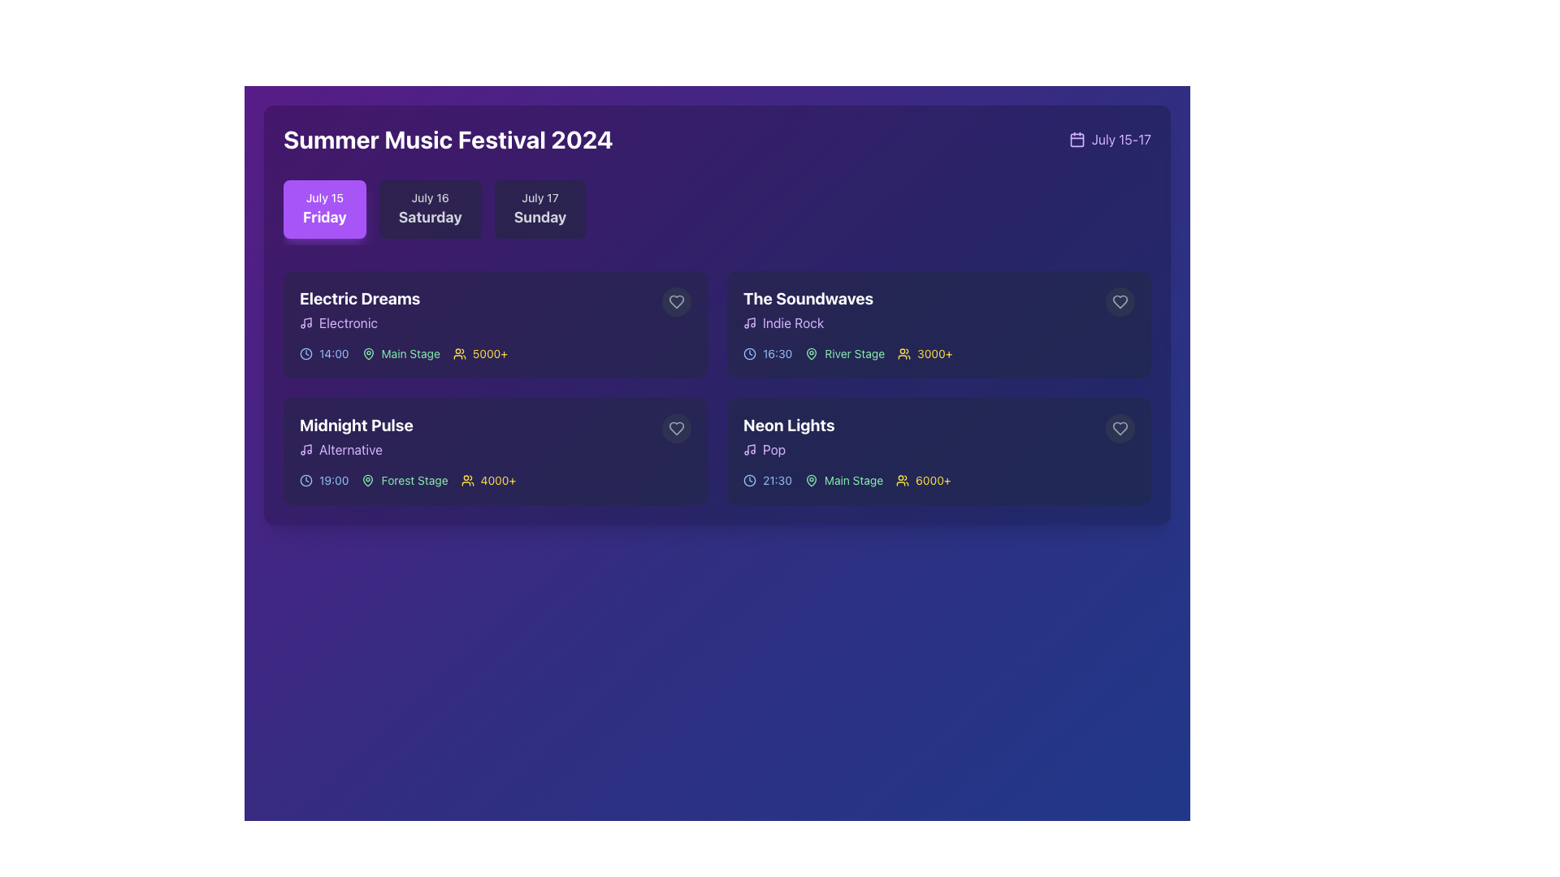  I want to click on the map pin icon element located in the 'Electric Dreams' card, which signifies a location or stage for the event, so click(367, 352).